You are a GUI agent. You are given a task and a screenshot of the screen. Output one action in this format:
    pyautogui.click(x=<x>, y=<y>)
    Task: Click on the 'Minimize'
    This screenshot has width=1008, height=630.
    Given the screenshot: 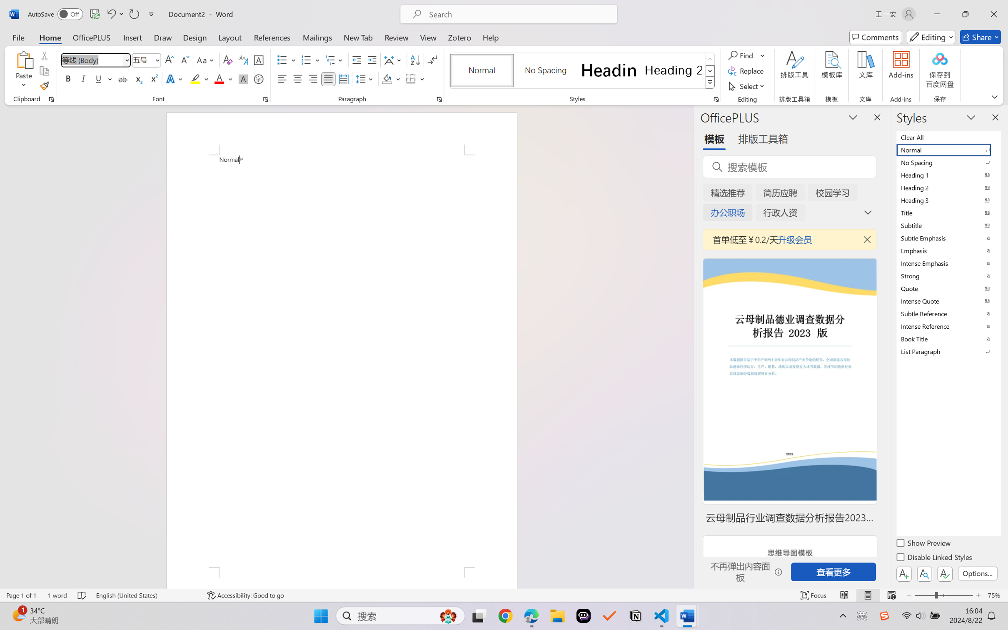 What is the action you would take?
    pyautogui.click(x=937, y=14)
    